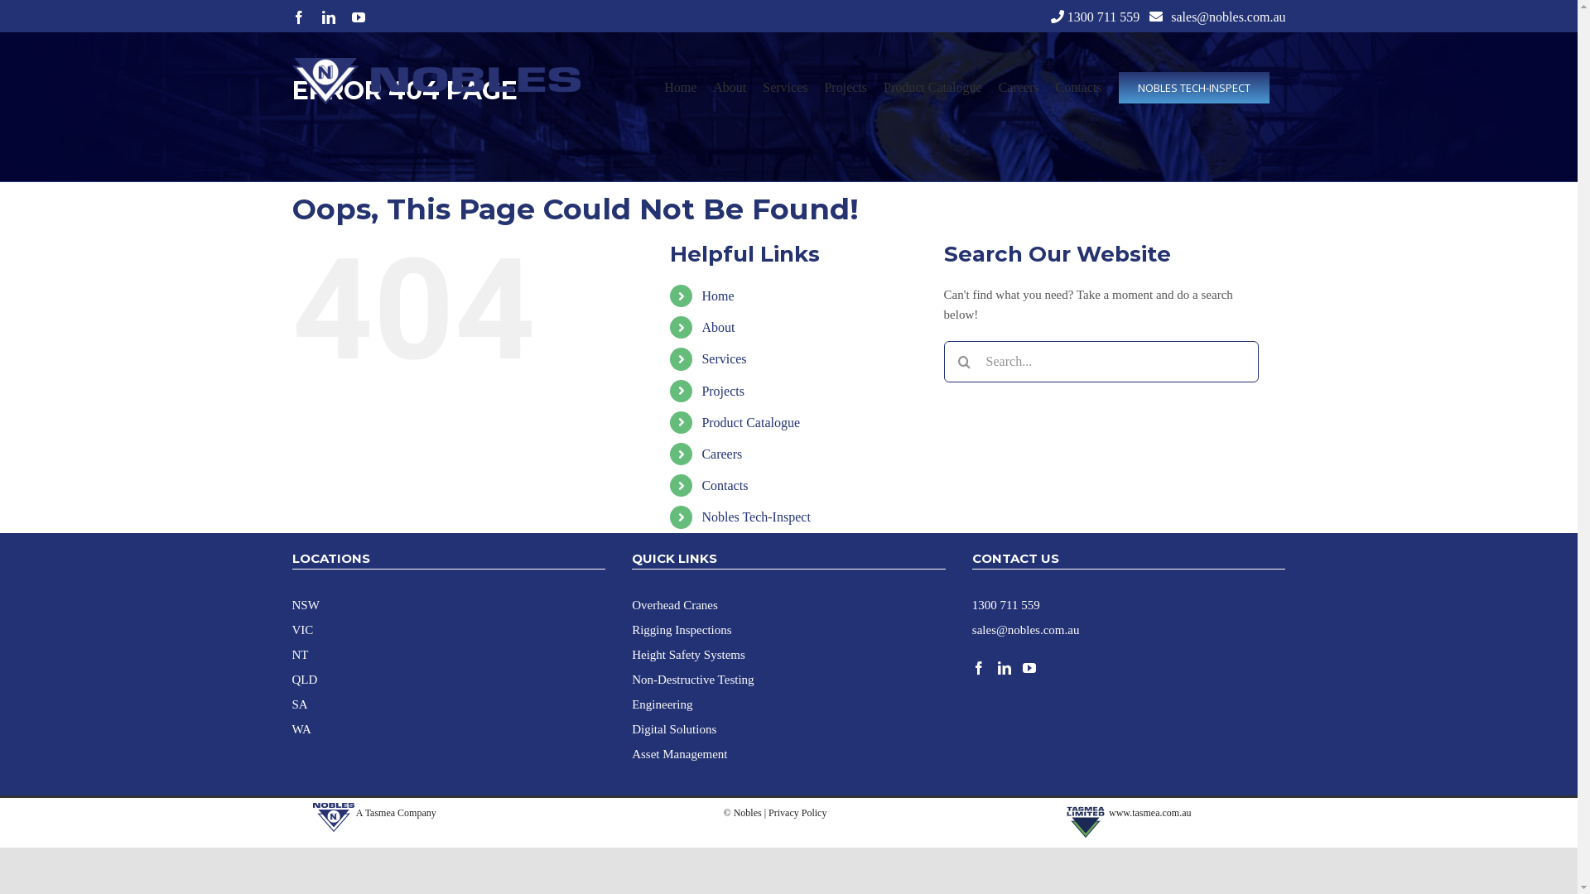  What do you see at coordinates (327, 17) in the screenshot?
I see `'LinkedIn'` at bounding box center [327, 17].